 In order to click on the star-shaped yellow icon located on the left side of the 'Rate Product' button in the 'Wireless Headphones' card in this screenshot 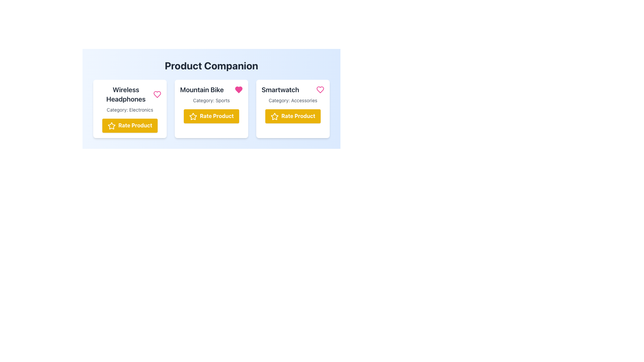, I will do `click(111, 126)`.